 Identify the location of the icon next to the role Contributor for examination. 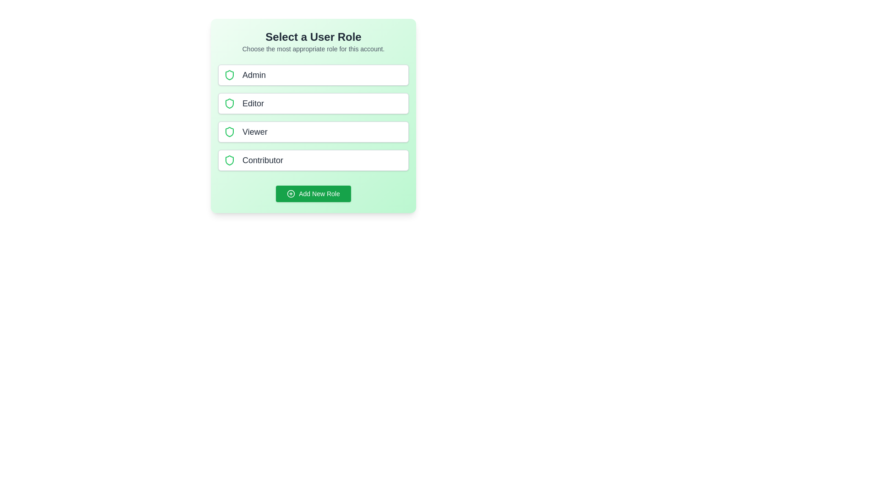
(229, 160).